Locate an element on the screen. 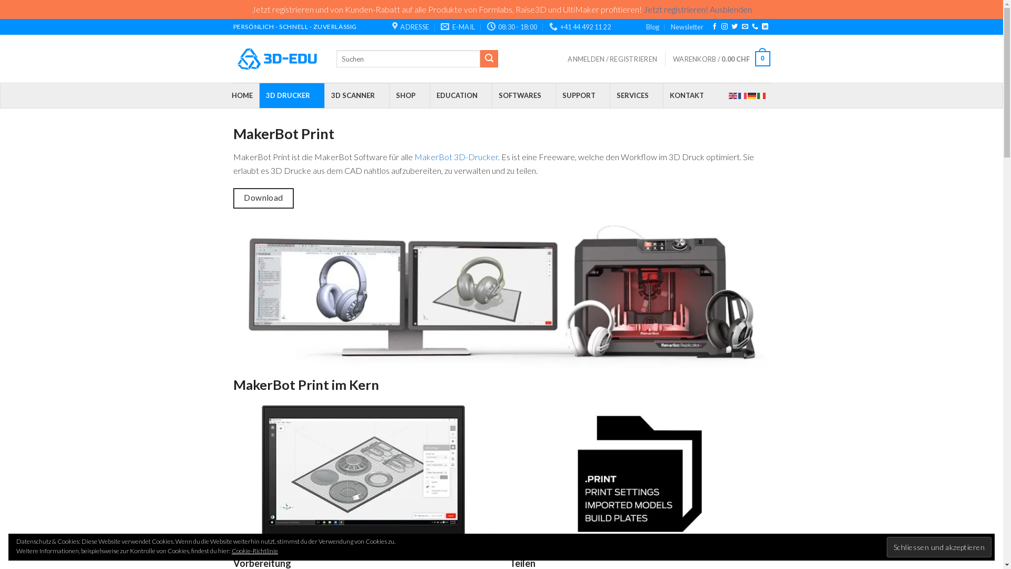 Image resolution: width=1011 pixels, height=569 pixels. 'KONTAKT' is located at coordinates (690, 95).